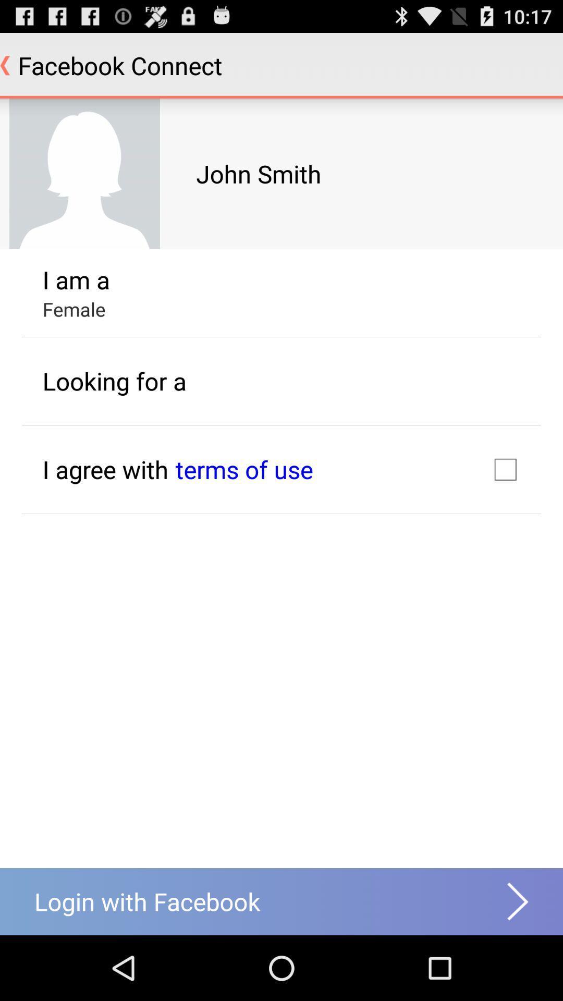  What do you see at coordinates (76, 279) in the screenshot?
I see `item above female icon` at bounding box center [76, 279].